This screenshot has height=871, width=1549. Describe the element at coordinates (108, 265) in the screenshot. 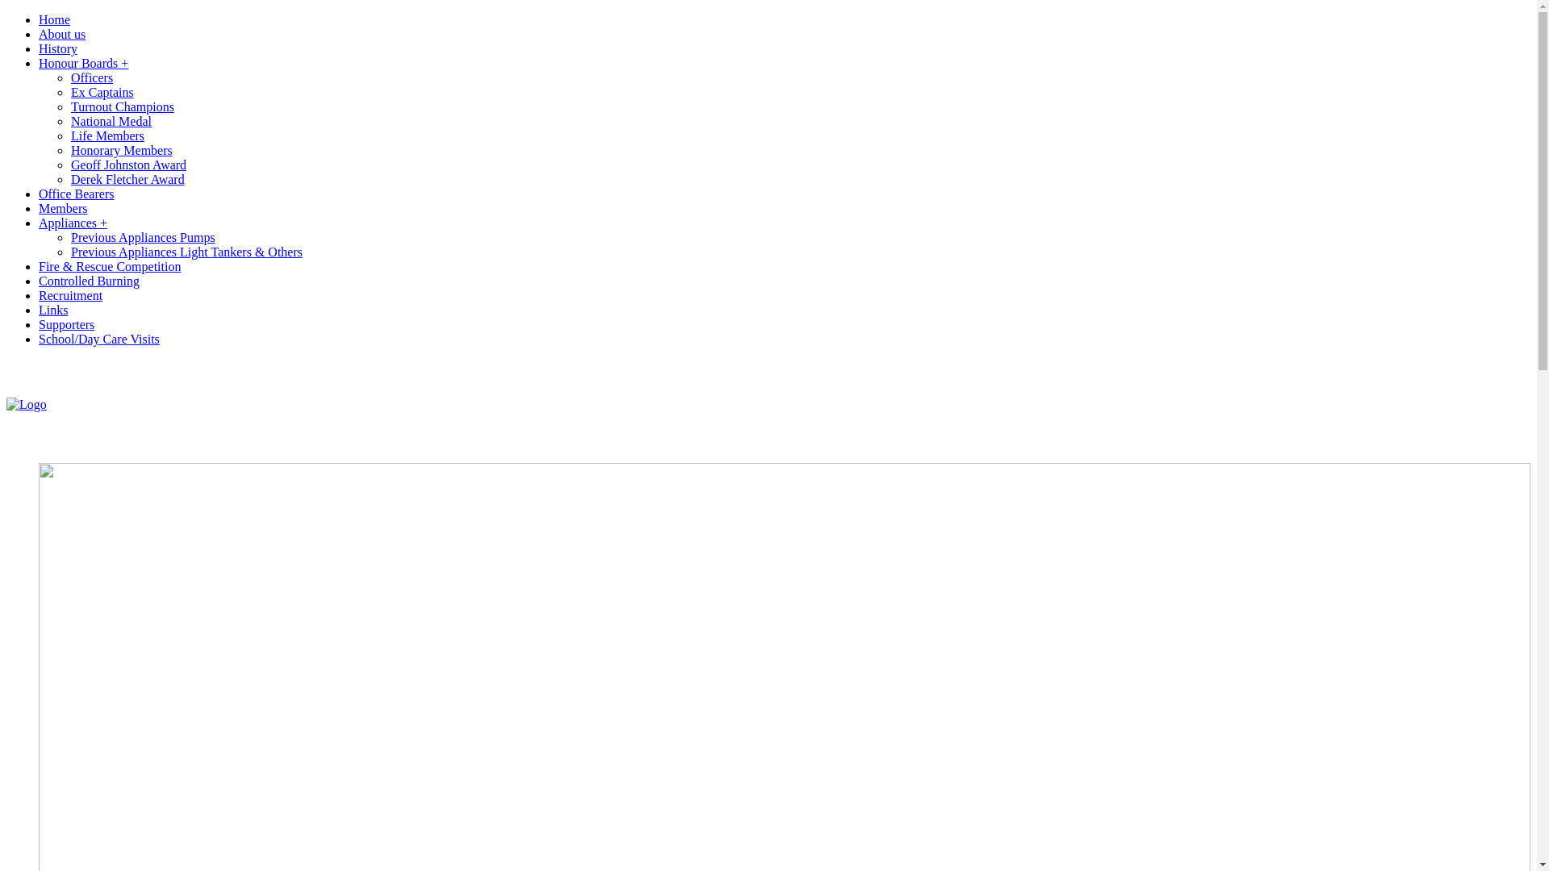

I see `'Fire & Rescue Competition'` at that location.